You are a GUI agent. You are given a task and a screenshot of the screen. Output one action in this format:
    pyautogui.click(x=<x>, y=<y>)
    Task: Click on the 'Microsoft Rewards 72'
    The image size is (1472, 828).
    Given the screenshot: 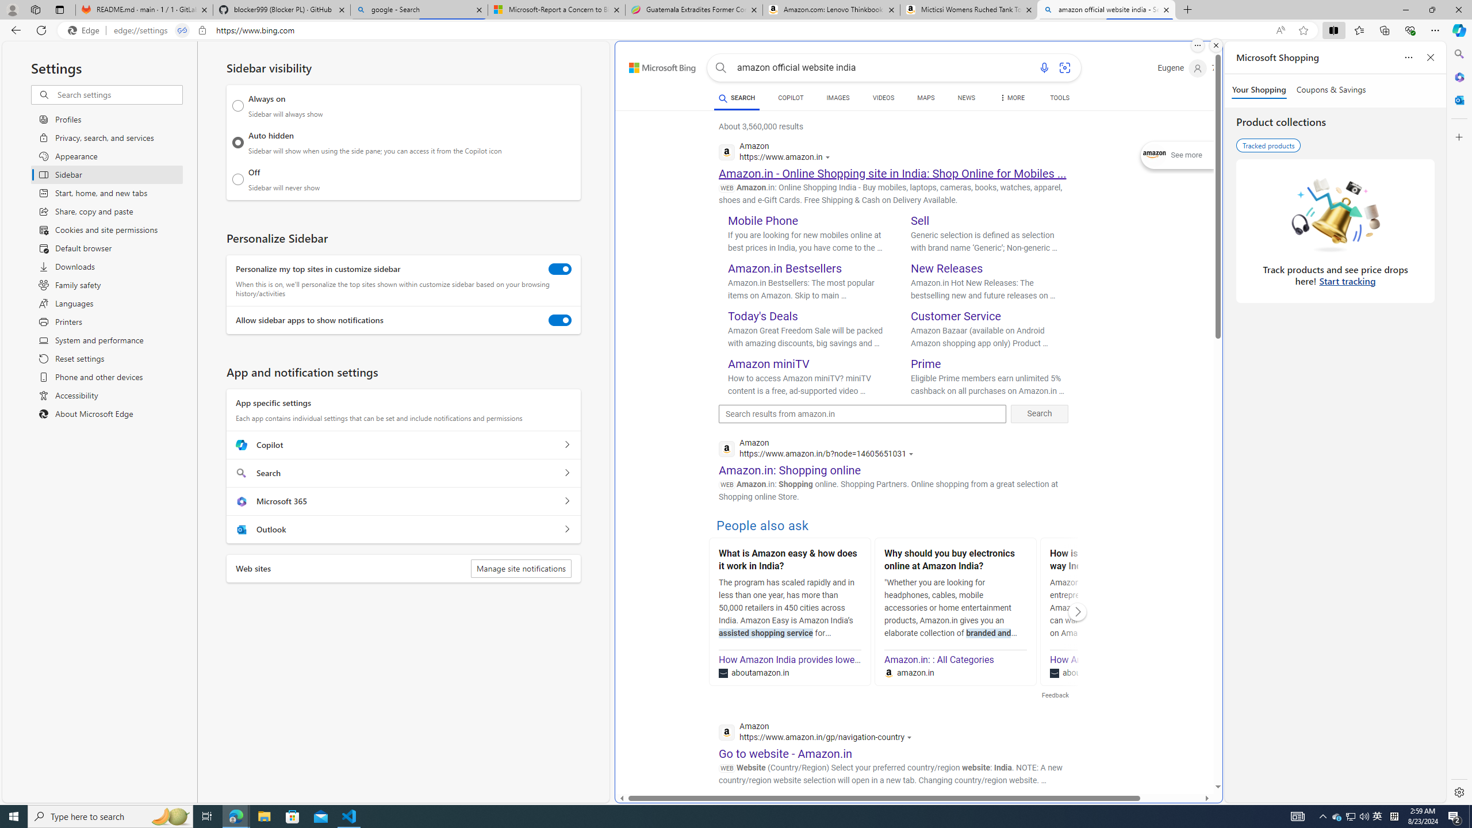 What is the action you would take?
    pyautogui.click(x=1228, y=68)
    